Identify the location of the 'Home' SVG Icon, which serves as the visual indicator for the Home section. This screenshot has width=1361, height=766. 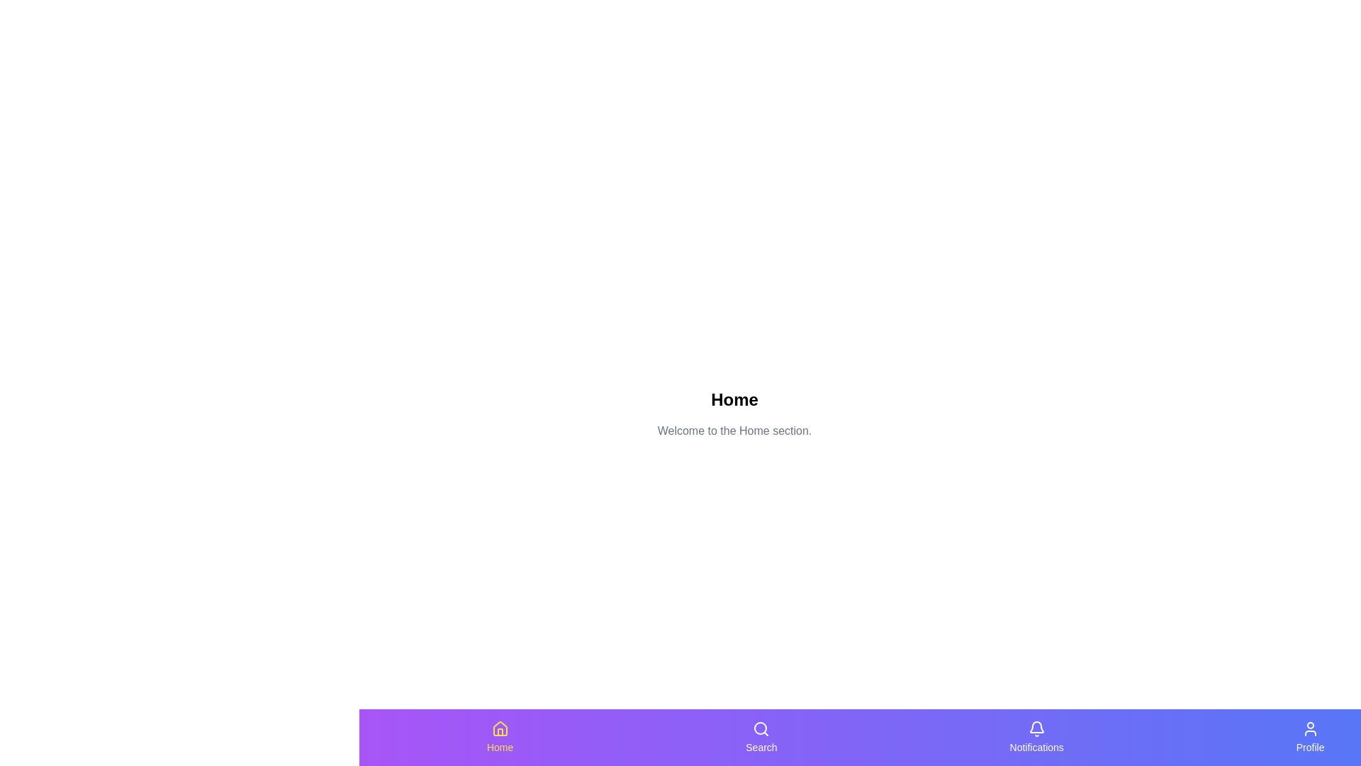
(500, 729).